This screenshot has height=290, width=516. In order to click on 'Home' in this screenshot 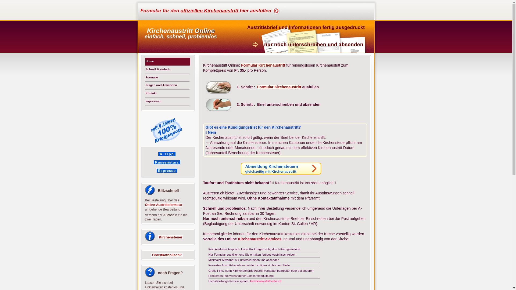, I will do `click(167, 61)`.